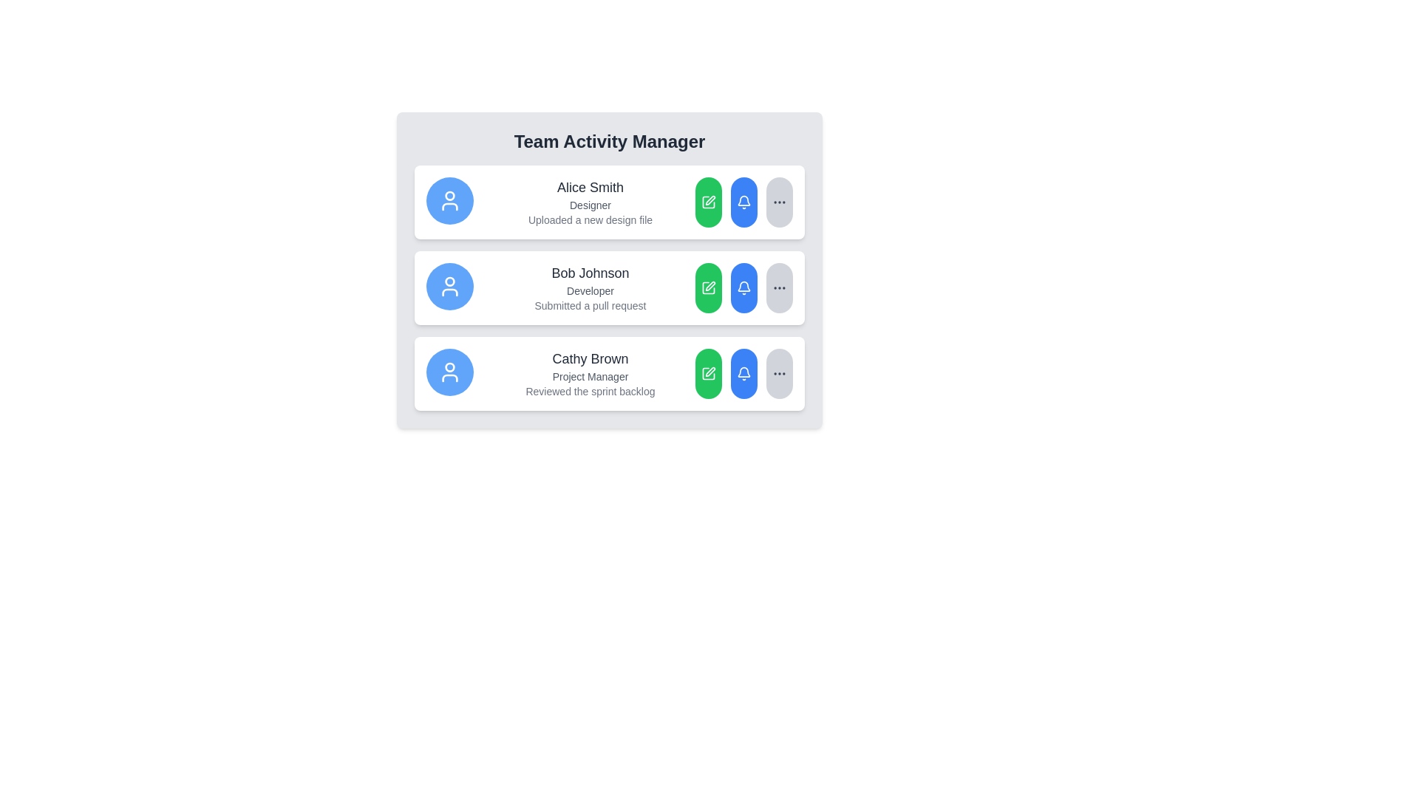  I want to click on the icon button resembling a square with a pen, styled with a green background and positioned as the first of the two green buttons in the action button set for the third user entry, for keyboard navigation interoperability, so click(708, 372).